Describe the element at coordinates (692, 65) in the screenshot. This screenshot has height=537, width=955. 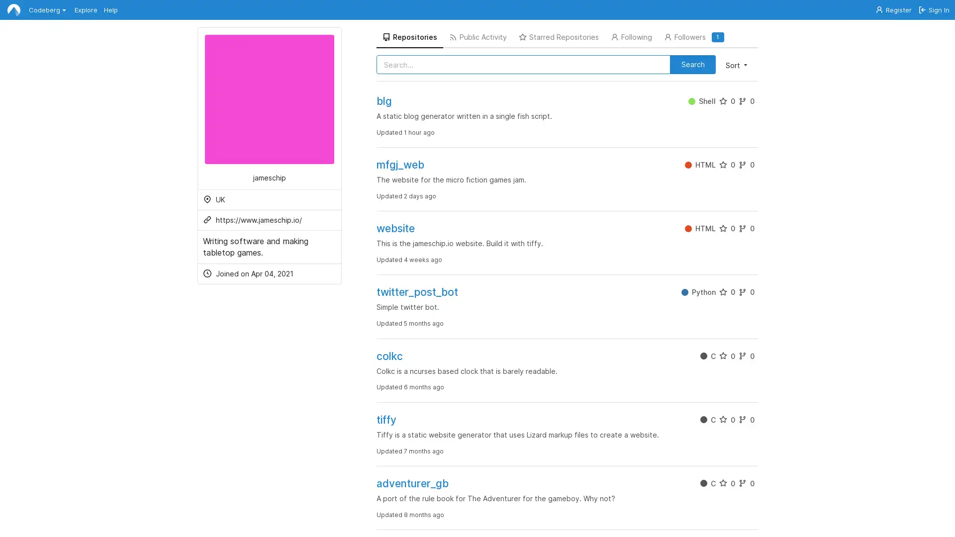
I see `Search` at that location.